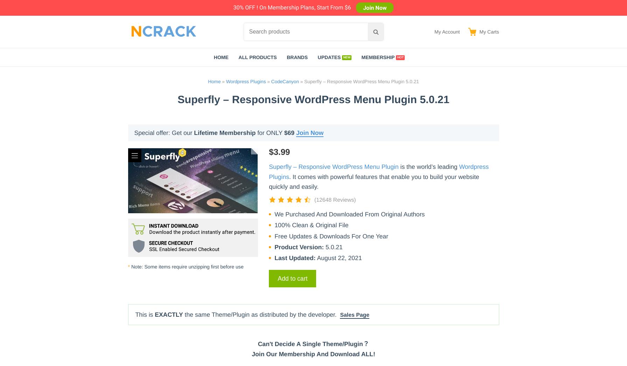 This screenshot has width=627, height=366. Describe the element at coordinates (361, 57) in the screenshot. I see `'Membership'` at that location.